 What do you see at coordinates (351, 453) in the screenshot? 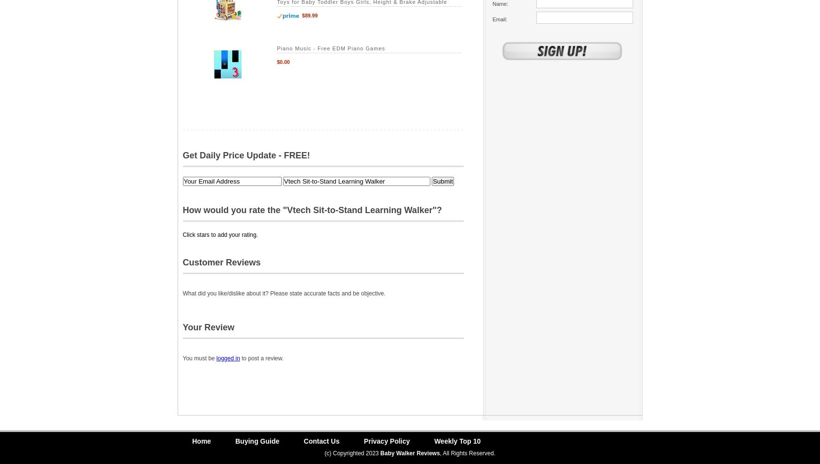
I see `'(c) Copyrighted 2023'` at bounding box center [351, 453].